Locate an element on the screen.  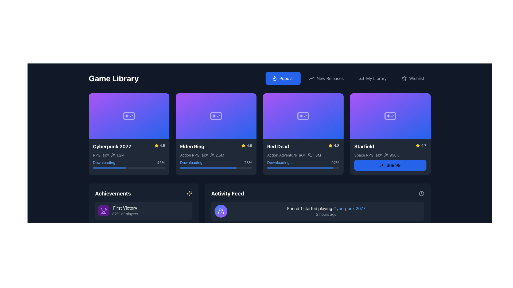
the 'Wishlist' button located at the top-right corner of the navigation bar is located at coordinates (413, 78).